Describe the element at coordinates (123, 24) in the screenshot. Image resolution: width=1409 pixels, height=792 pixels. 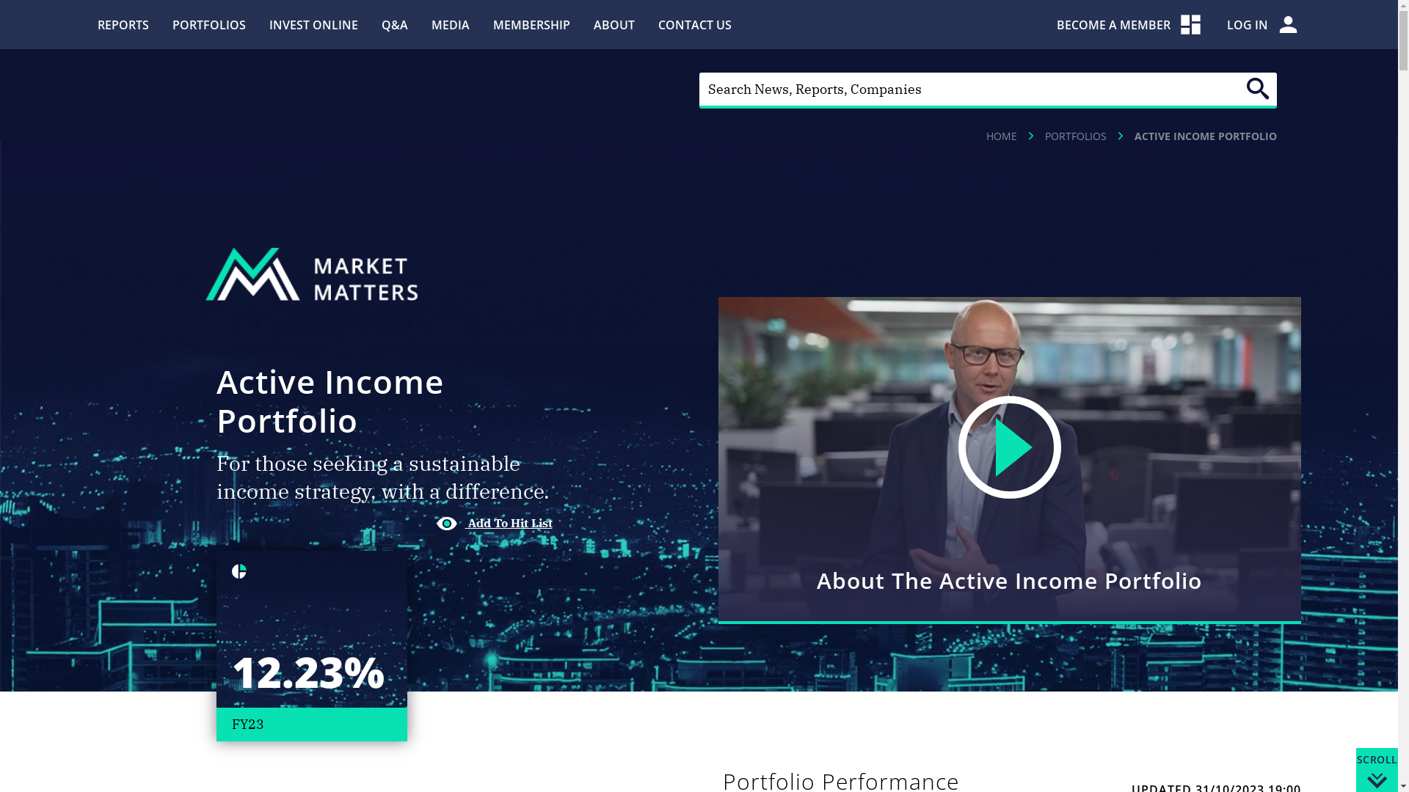
I see `'REPORTS'` at that location.